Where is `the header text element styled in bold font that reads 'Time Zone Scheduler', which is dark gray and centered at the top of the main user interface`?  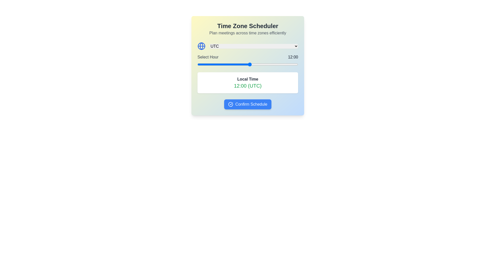 the header text element styled in bold font that reads 'Time Zone Scheduler', which is dark gray and centered at the top of the main user interface is located at coordinates (248, 26).